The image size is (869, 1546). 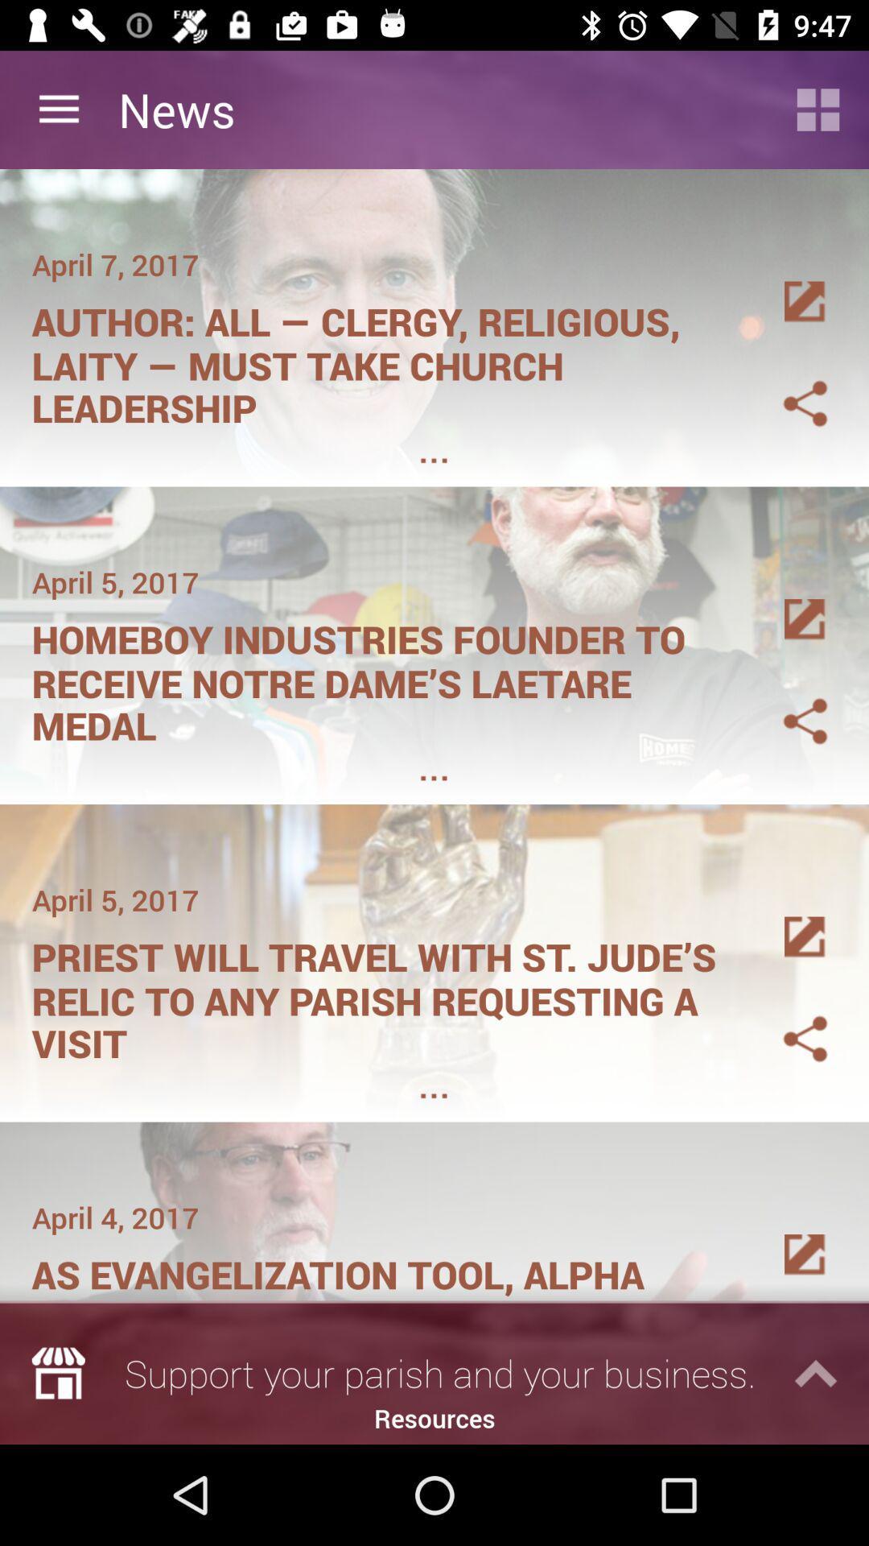 What do you see at coordinates (785, 383) in the screenshot?
I see `tha gallry image` at bounding box center [785, 383].